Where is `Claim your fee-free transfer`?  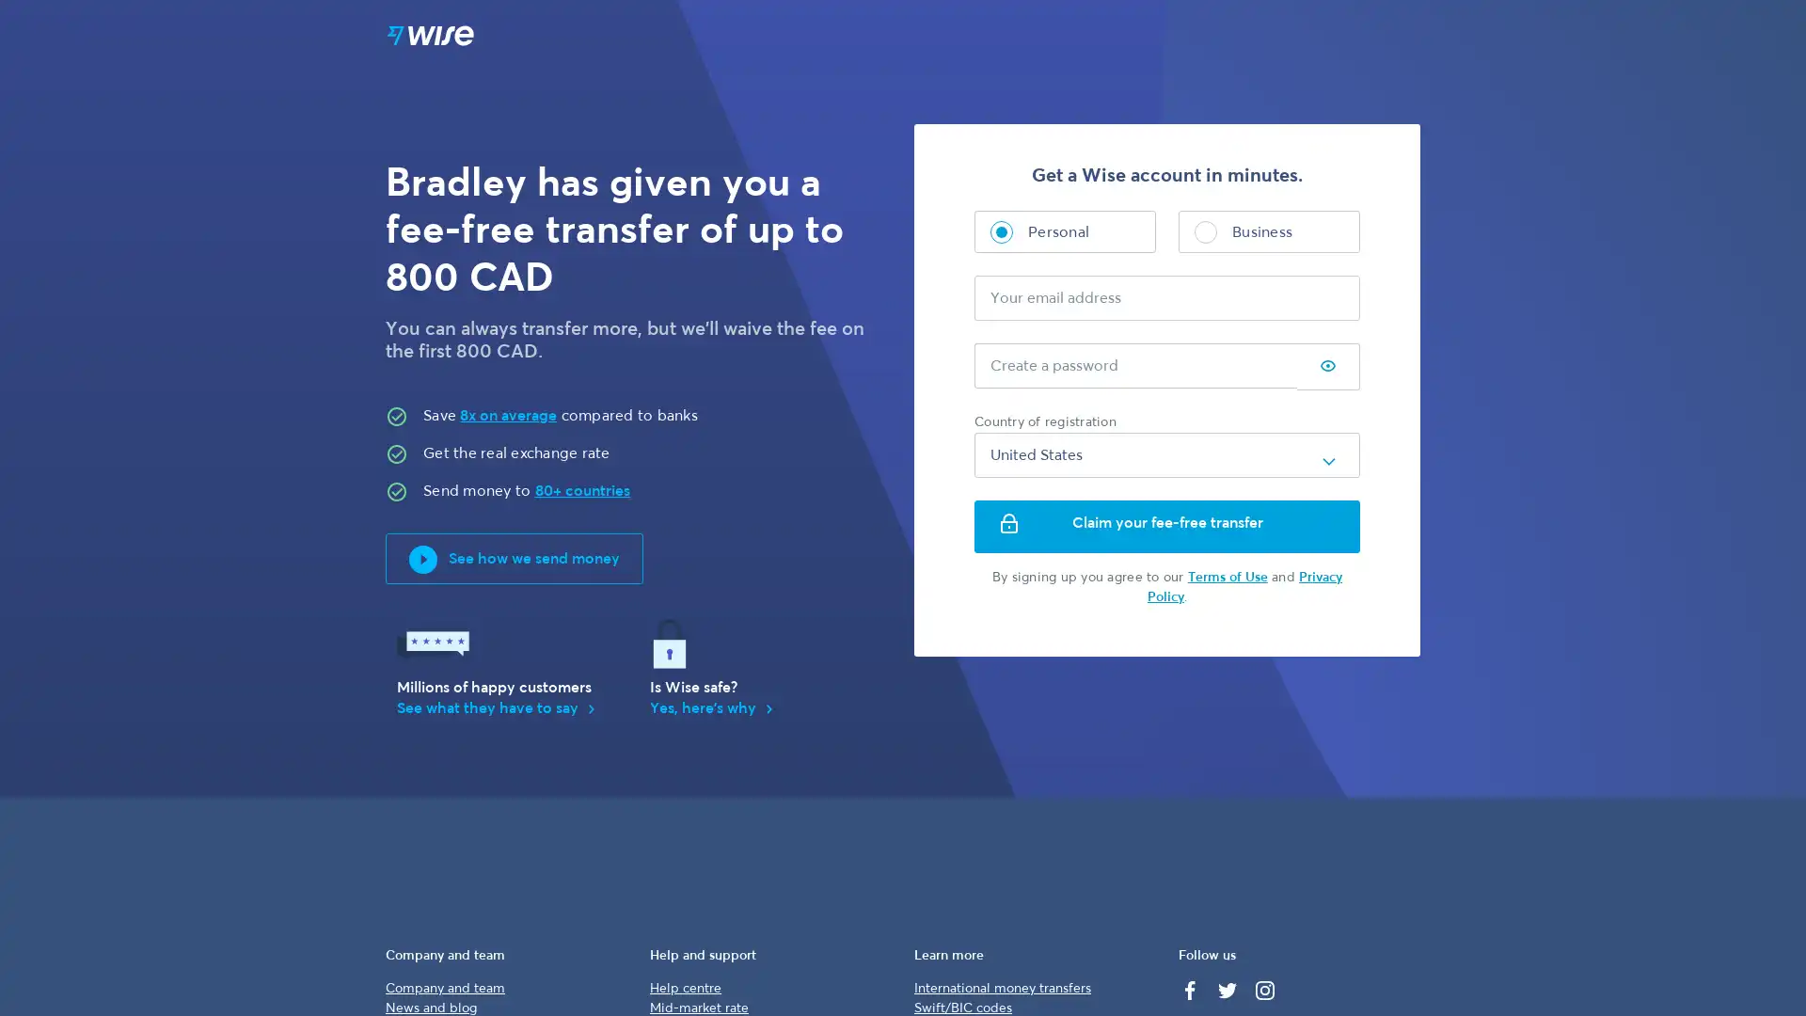
Claim your fee-free transfer is located at coordinates (1166, 526).